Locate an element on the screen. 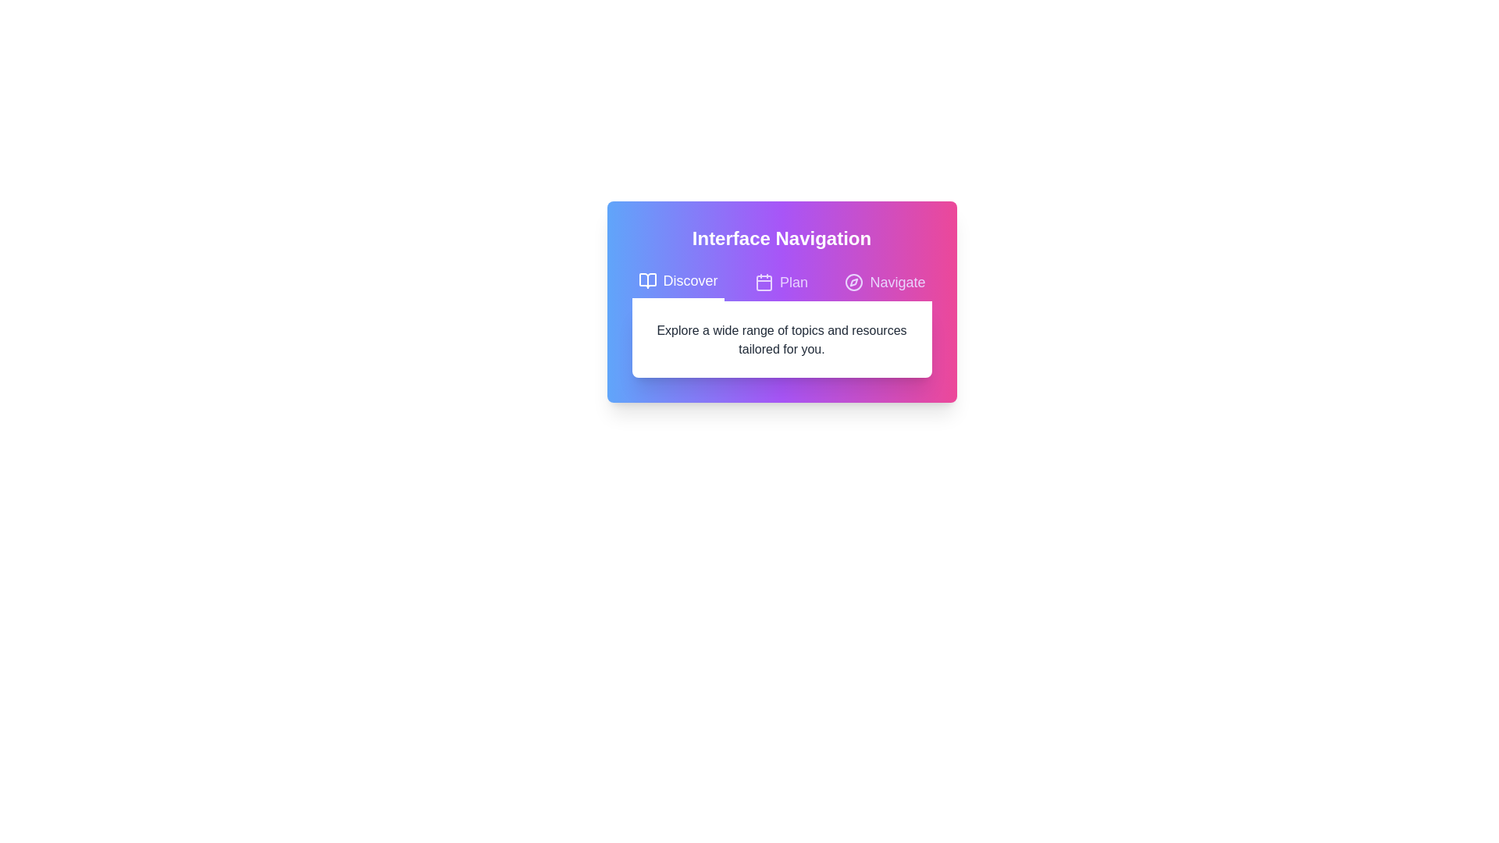 The height and width of the screenshot is (843, 1499). informational text 'Explore a wide range of topics and resources tailored for you.' located centrally in a white card beneath navigation tabs labeled 'Discover,' 'Plan,' and 'Navigate.' is located at coordinates (782, 339).